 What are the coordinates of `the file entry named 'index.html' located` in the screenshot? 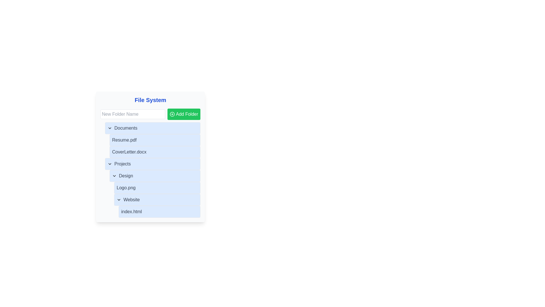 It's located at (159, 211).